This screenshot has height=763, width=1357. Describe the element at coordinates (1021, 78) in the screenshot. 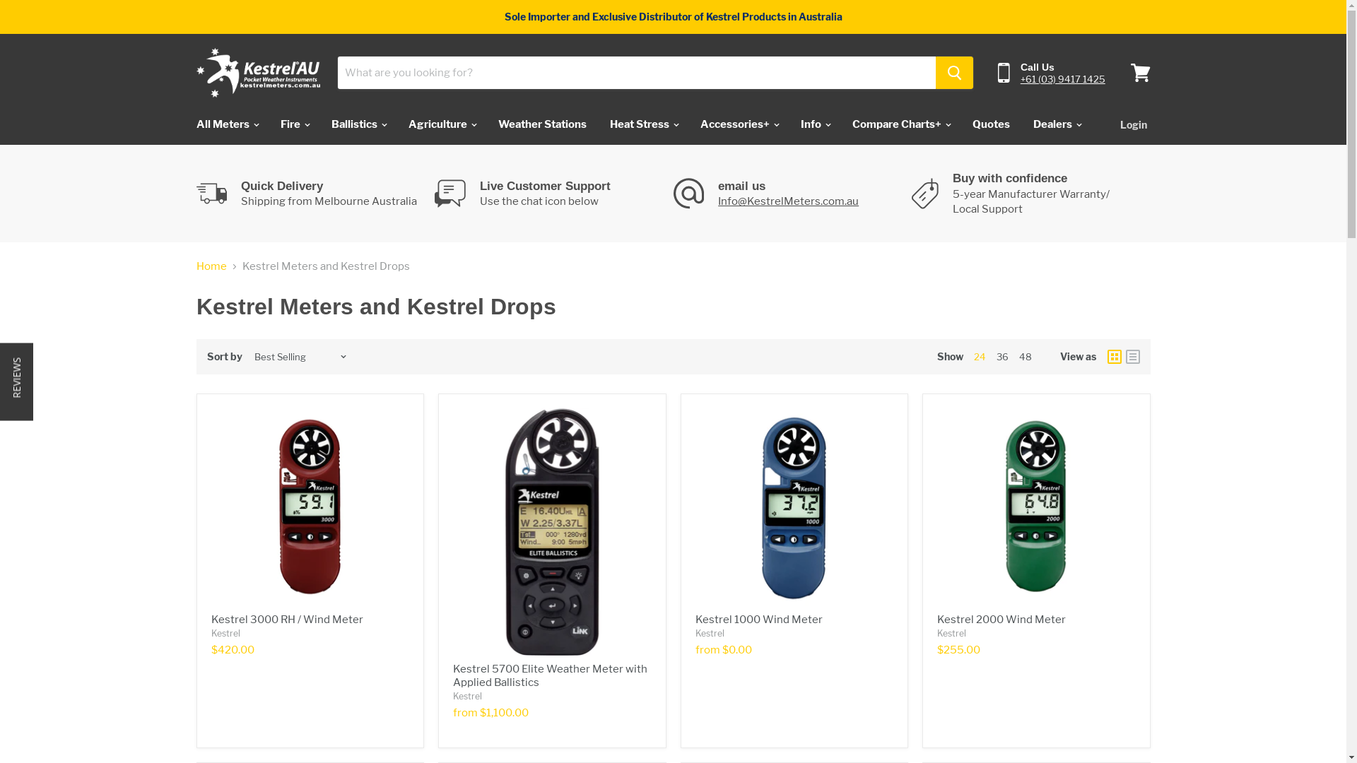

I see `'+61 (03) 9417 1425'` at that location.